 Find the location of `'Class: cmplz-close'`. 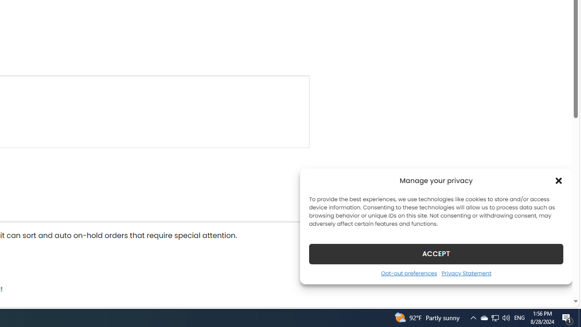

'Class: cmplz-close' is located at coordinates (558, 180).